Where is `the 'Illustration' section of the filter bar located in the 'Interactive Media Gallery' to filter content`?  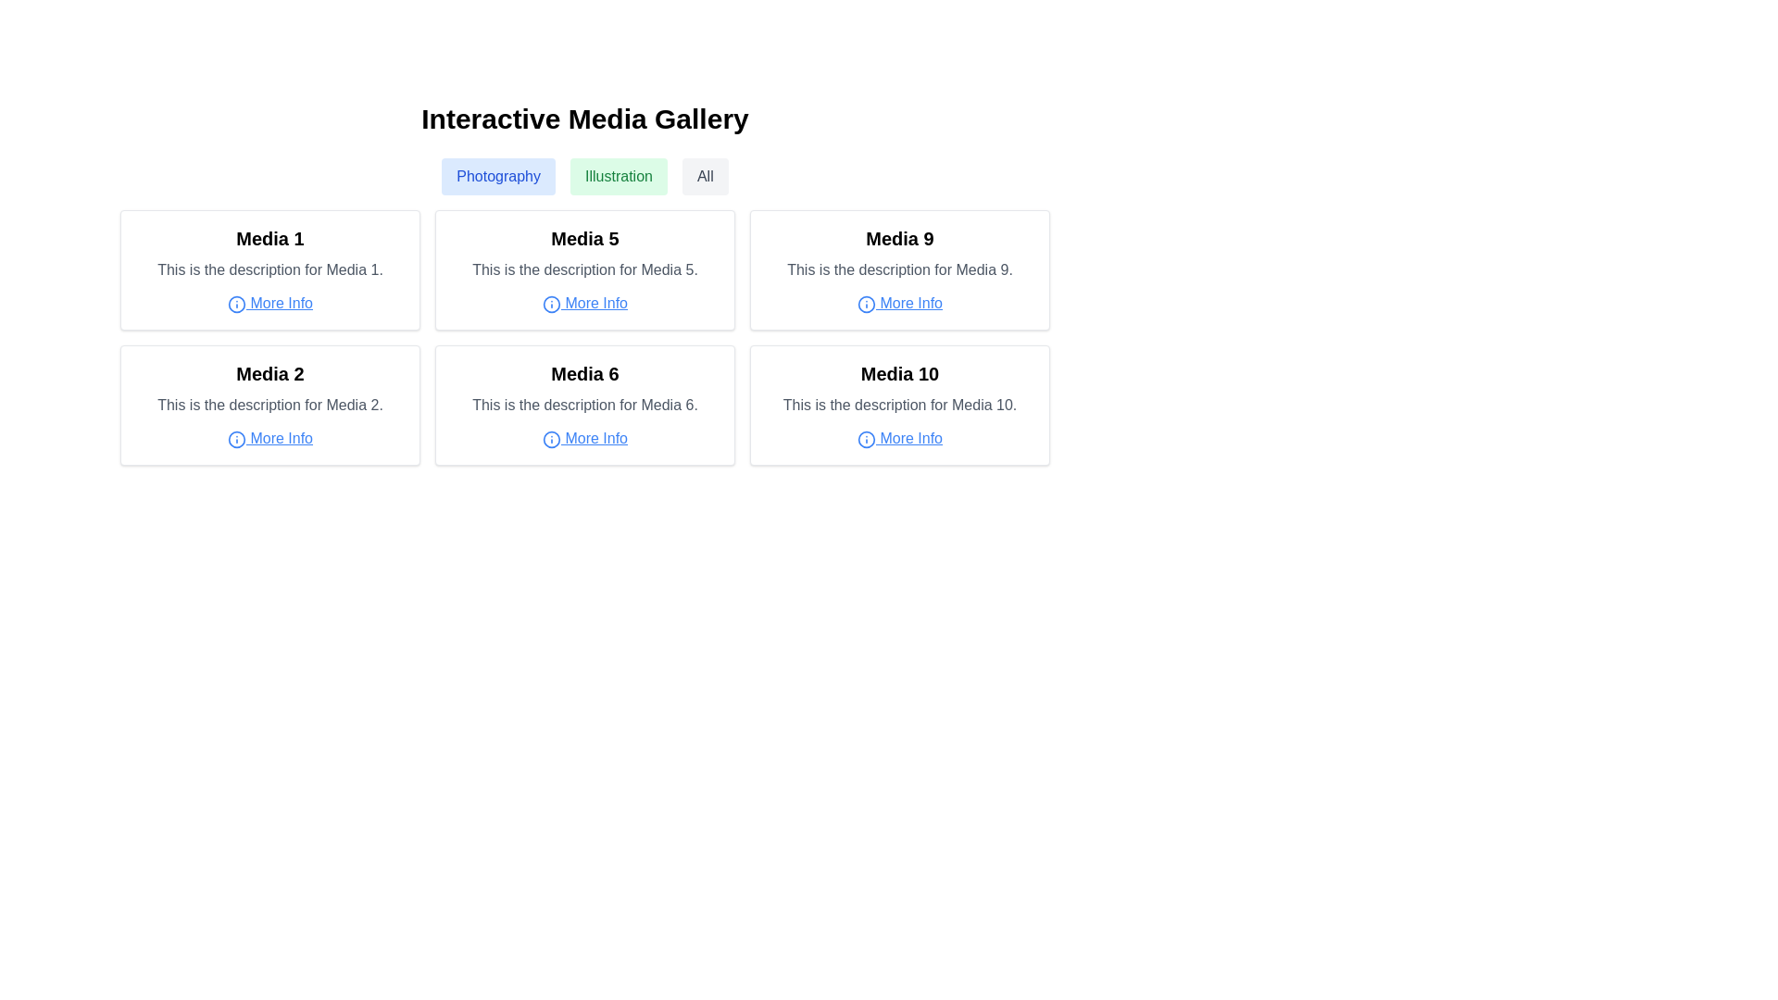
the 'Illustration' section of the filter bar located in the 'Interactive Media Gallery' to filter content is located at coordinates (584, 177).